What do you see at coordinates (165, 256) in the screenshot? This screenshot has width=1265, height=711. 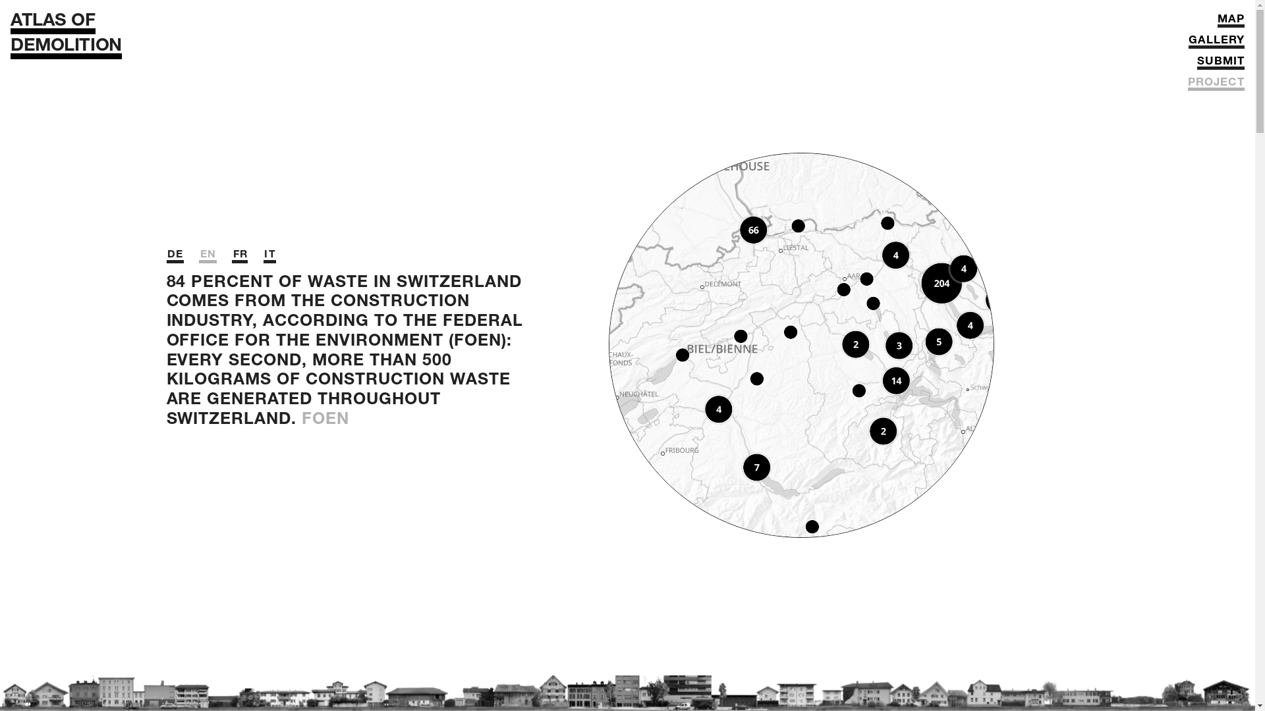 I see `'DE'` at bounding box center [165, 256].